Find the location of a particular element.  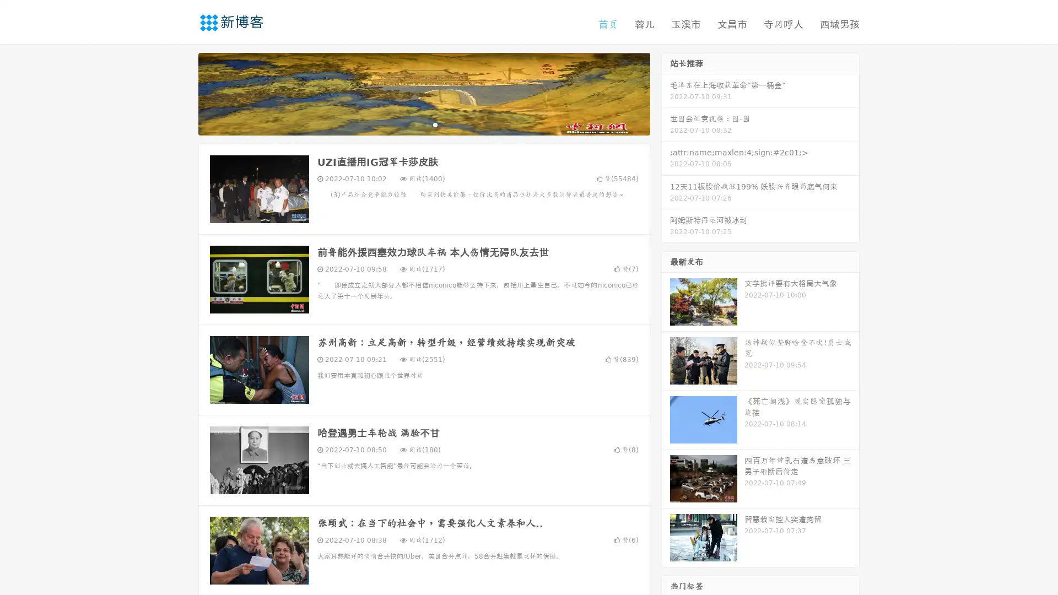

Go to slide 1 is located at coordinates (412, 124).